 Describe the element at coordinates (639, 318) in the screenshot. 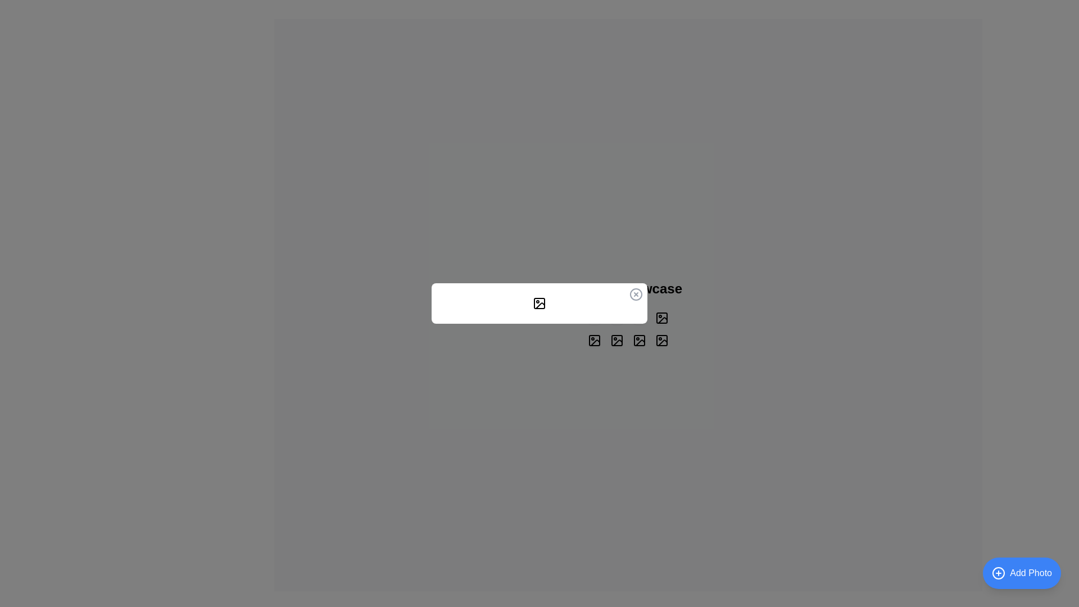

I see `the graphical circular component of the zoom or magnification icon located near the center-right of the interface` at that location.